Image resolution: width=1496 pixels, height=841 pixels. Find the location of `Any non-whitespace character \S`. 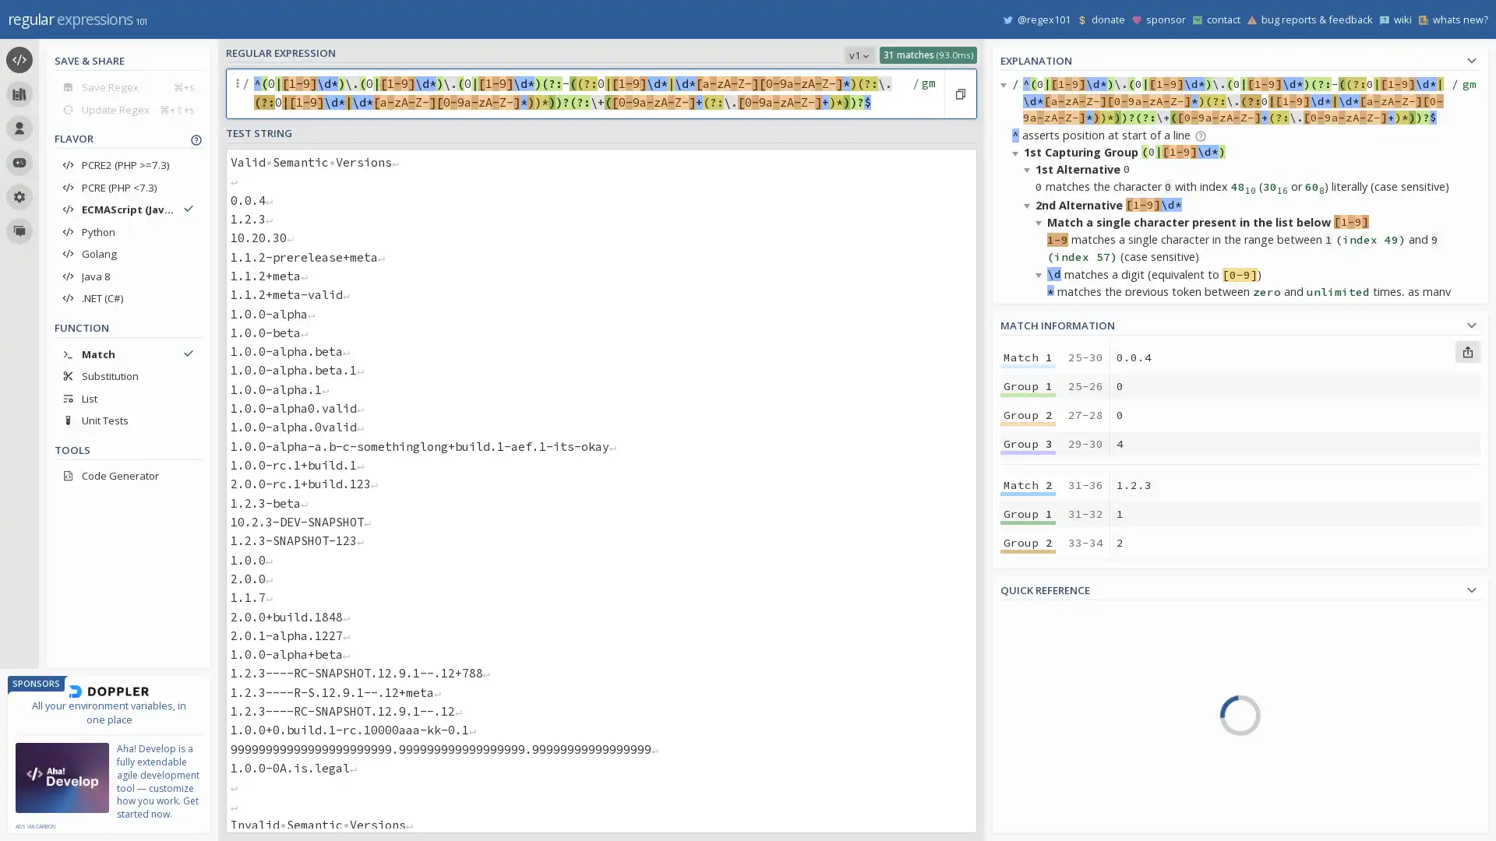

Any non-whitespace character \S is located at coordinates (1318, 793).